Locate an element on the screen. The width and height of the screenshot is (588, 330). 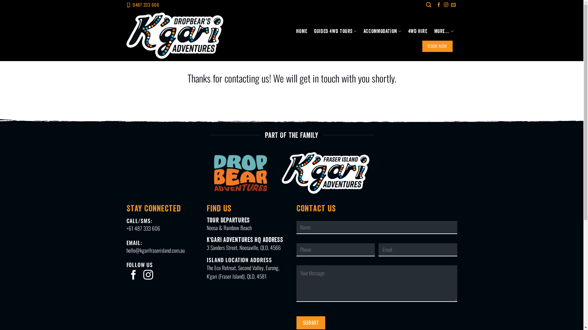
'Follow on Facebook' is located at coordinates (133, 276).